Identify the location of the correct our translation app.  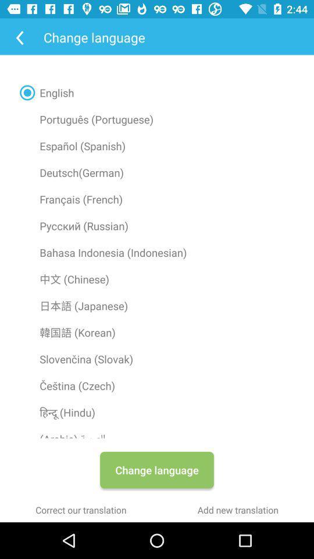
(80, 509).